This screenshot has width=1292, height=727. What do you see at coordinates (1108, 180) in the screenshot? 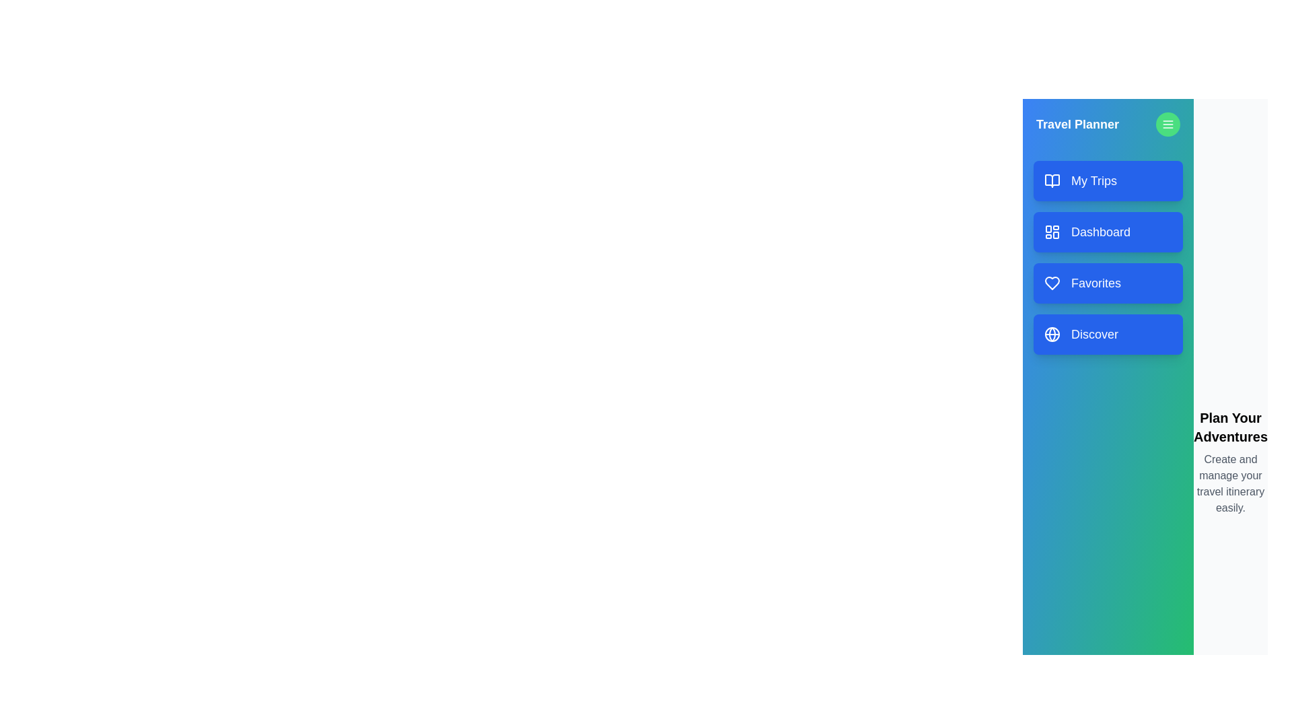
I see `the menu item My Trips to navigate` at bounding box center [1108, 180].